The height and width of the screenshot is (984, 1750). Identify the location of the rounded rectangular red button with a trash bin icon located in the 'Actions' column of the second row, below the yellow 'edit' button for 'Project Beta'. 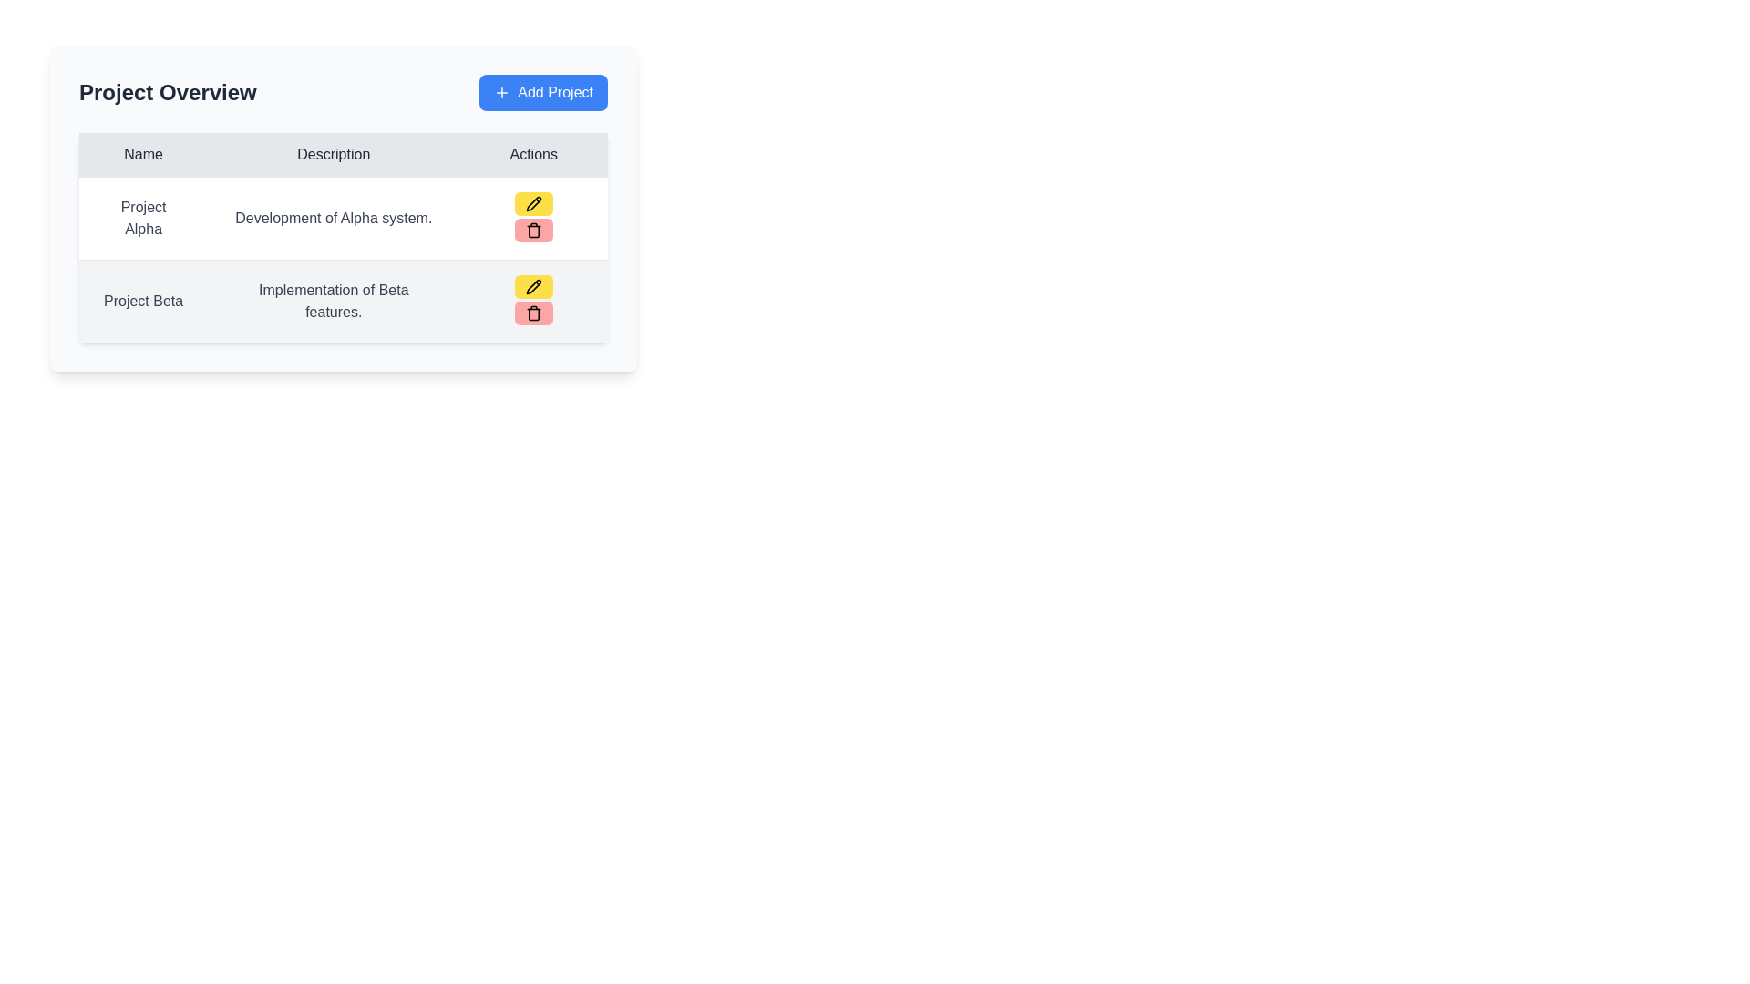
(532, 300).